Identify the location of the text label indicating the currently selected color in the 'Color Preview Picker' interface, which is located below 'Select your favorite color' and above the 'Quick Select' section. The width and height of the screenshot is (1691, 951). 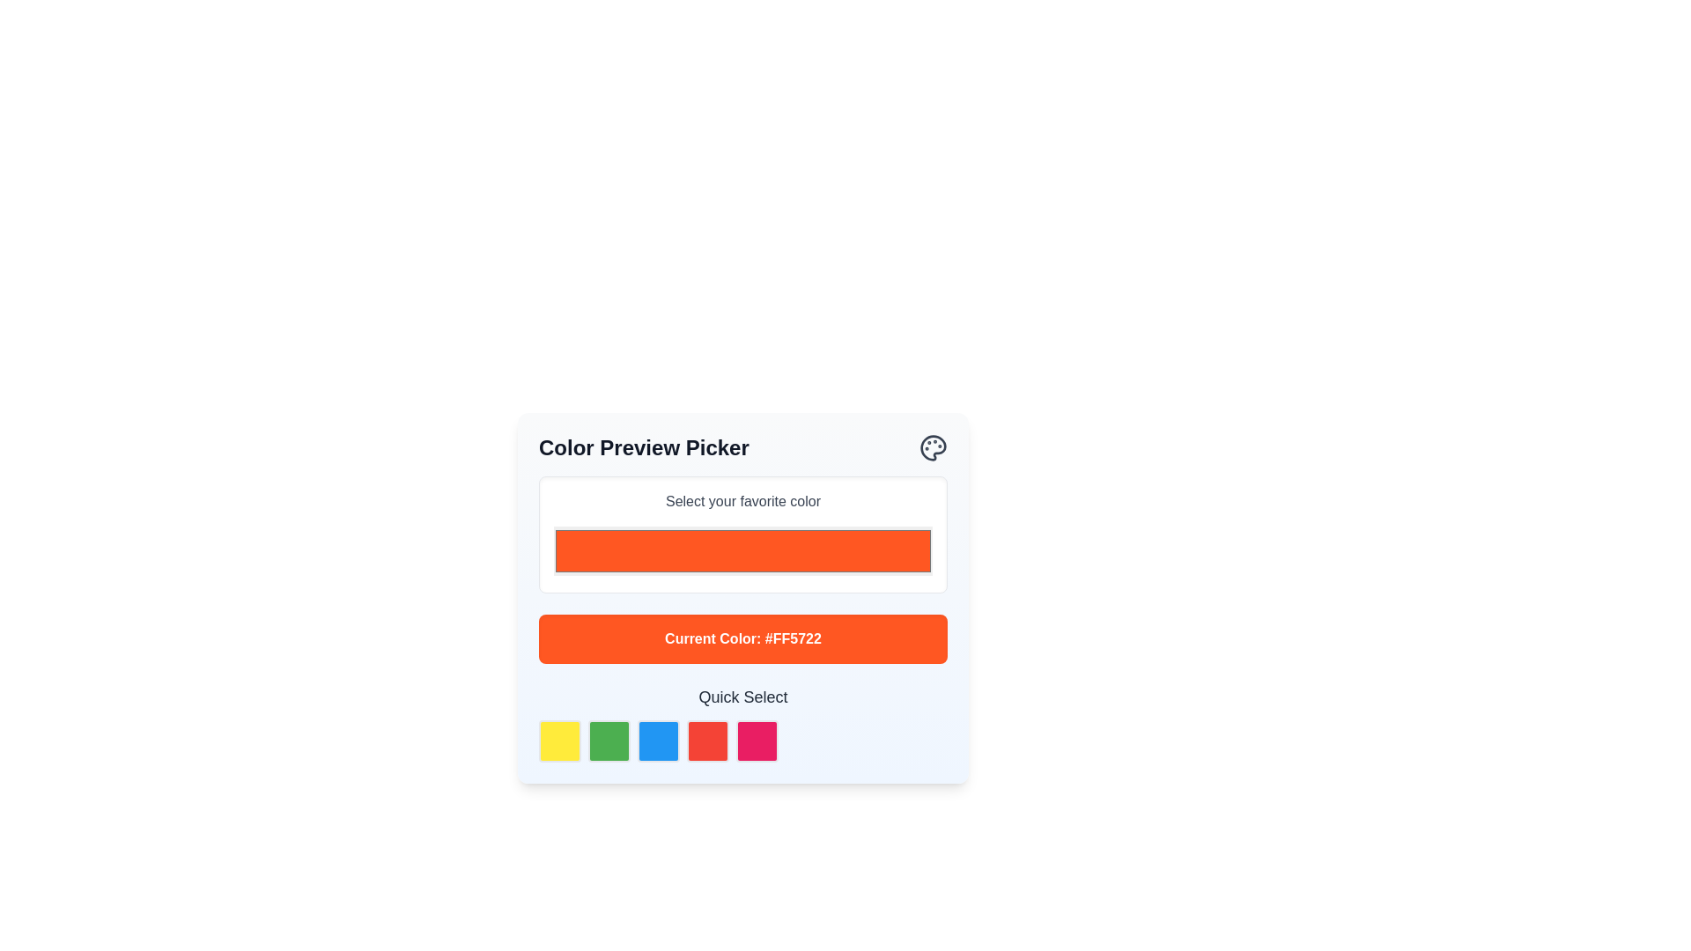
(743, 638).